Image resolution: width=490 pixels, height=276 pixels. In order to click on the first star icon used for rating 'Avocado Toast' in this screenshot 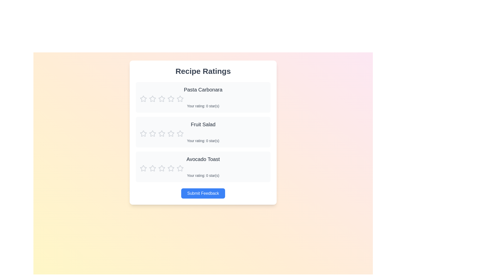, I will do `click(152, 168)`.